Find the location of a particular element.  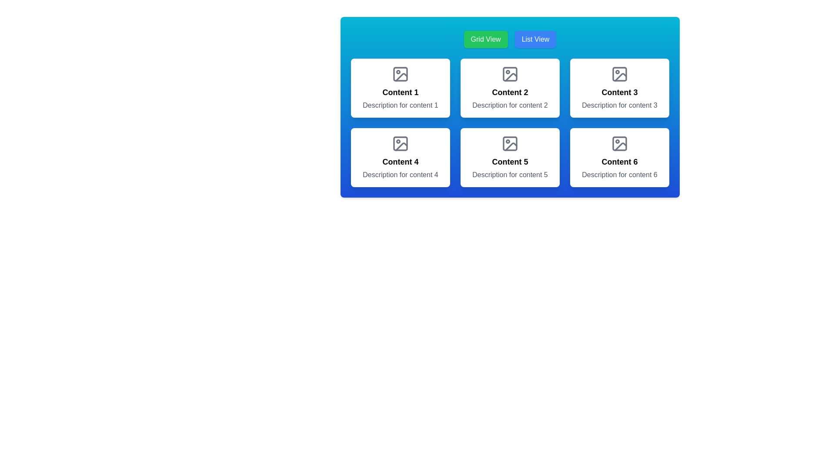

the decorative icon representing media content associated with 'Content 4', located in the second row, first column of the grid layout is located at coordinates (400, 143).